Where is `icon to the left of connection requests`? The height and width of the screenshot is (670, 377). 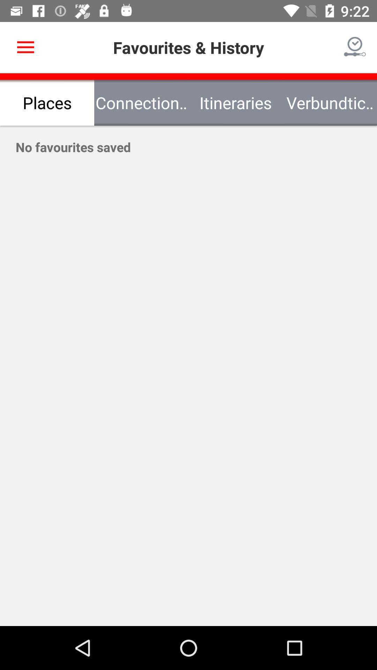 icon to the left of connection requests is located at coordinates (25, 47).